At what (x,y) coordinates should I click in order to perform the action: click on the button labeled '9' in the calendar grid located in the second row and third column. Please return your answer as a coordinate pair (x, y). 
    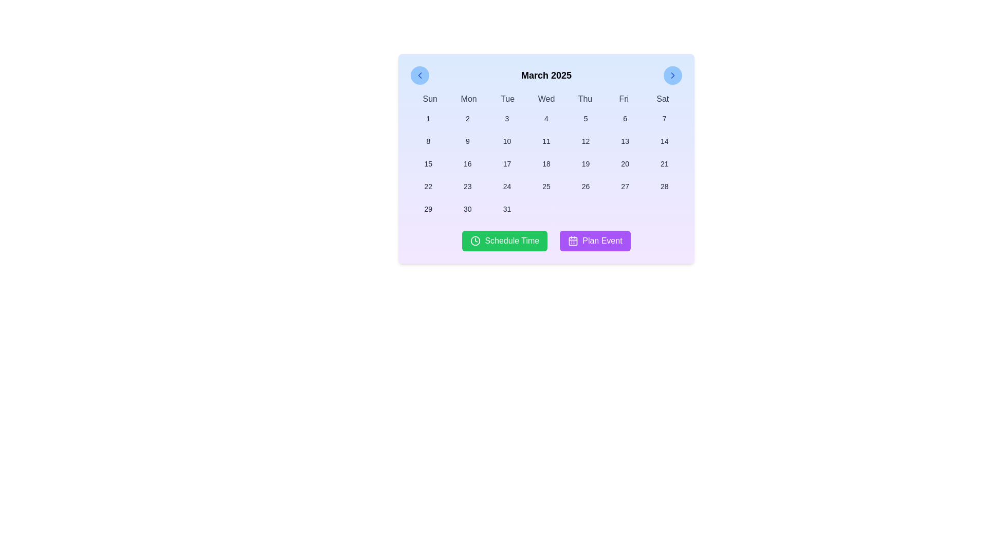
    Looking at the image, I should click on (467, 141).